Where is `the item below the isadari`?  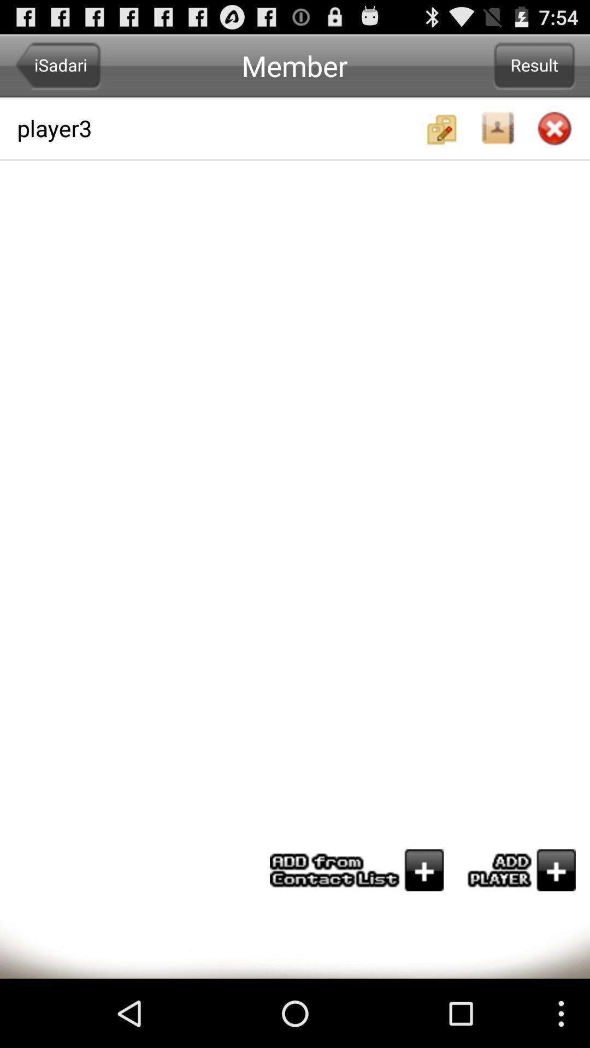 the item below the isadari is located at coordinates (219, 128).